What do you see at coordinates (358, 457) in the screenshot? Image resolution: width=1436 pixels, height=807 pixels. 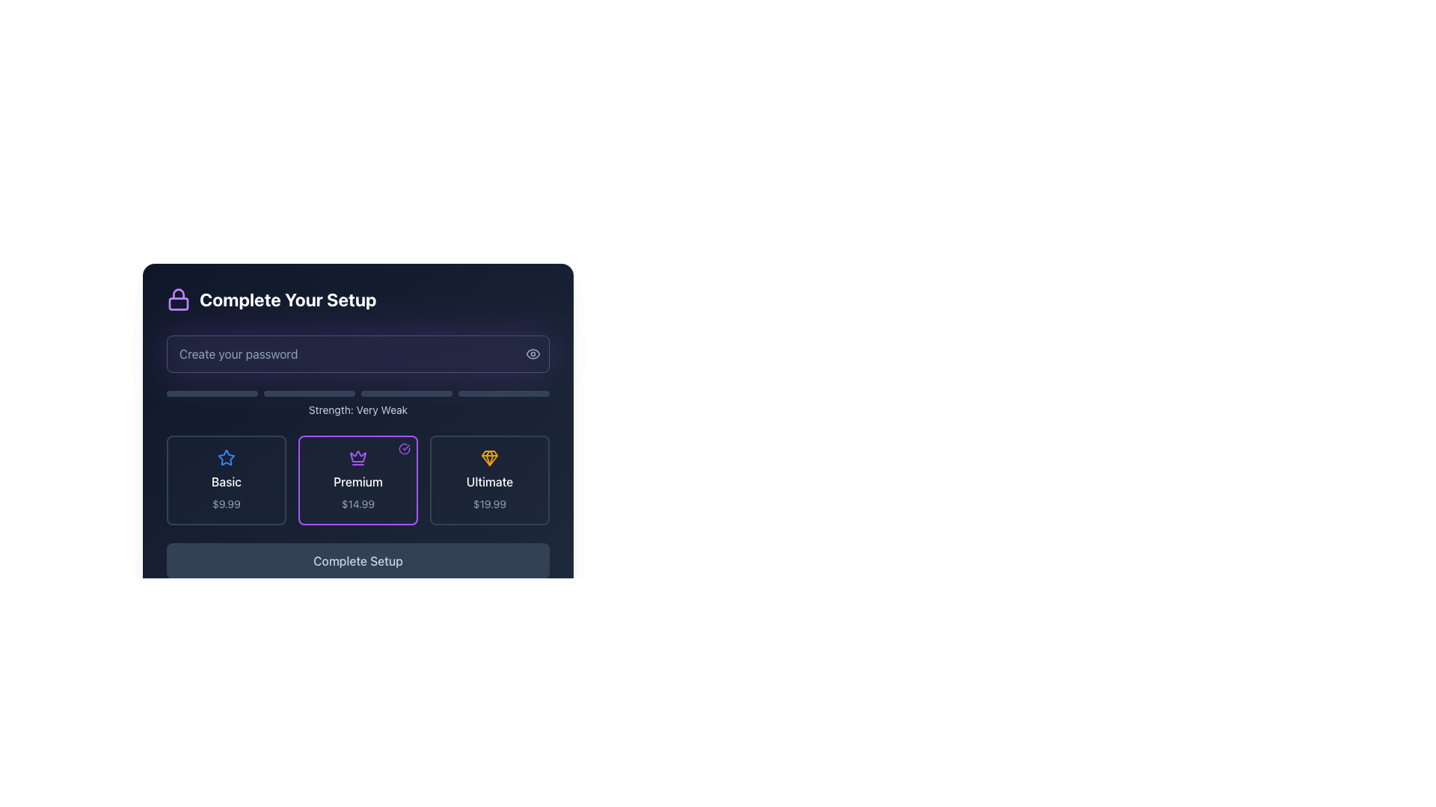 I see `the purple crown icon located at the top center of the Premium plan box, which is distinguished by its minimalistic design and smooth lines` at bounding box center [358, 457].